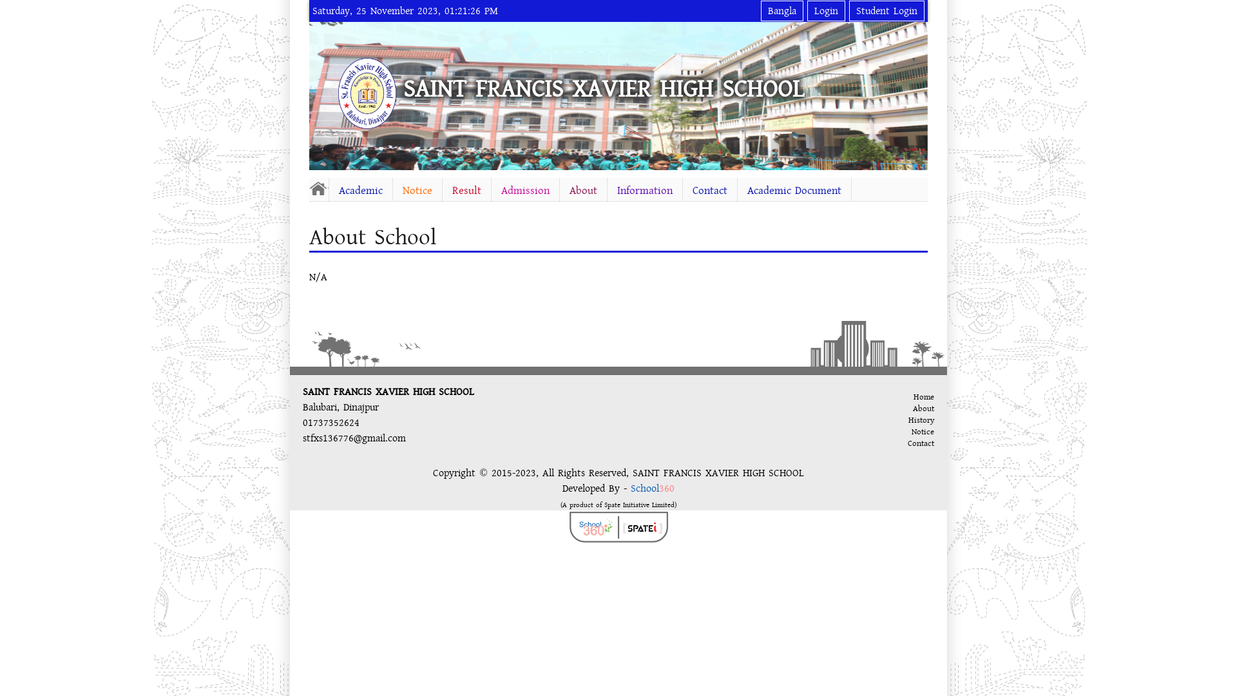 This screenshot has height=696, width=1237. I want to click on 'Bangla', so click(782, 10).